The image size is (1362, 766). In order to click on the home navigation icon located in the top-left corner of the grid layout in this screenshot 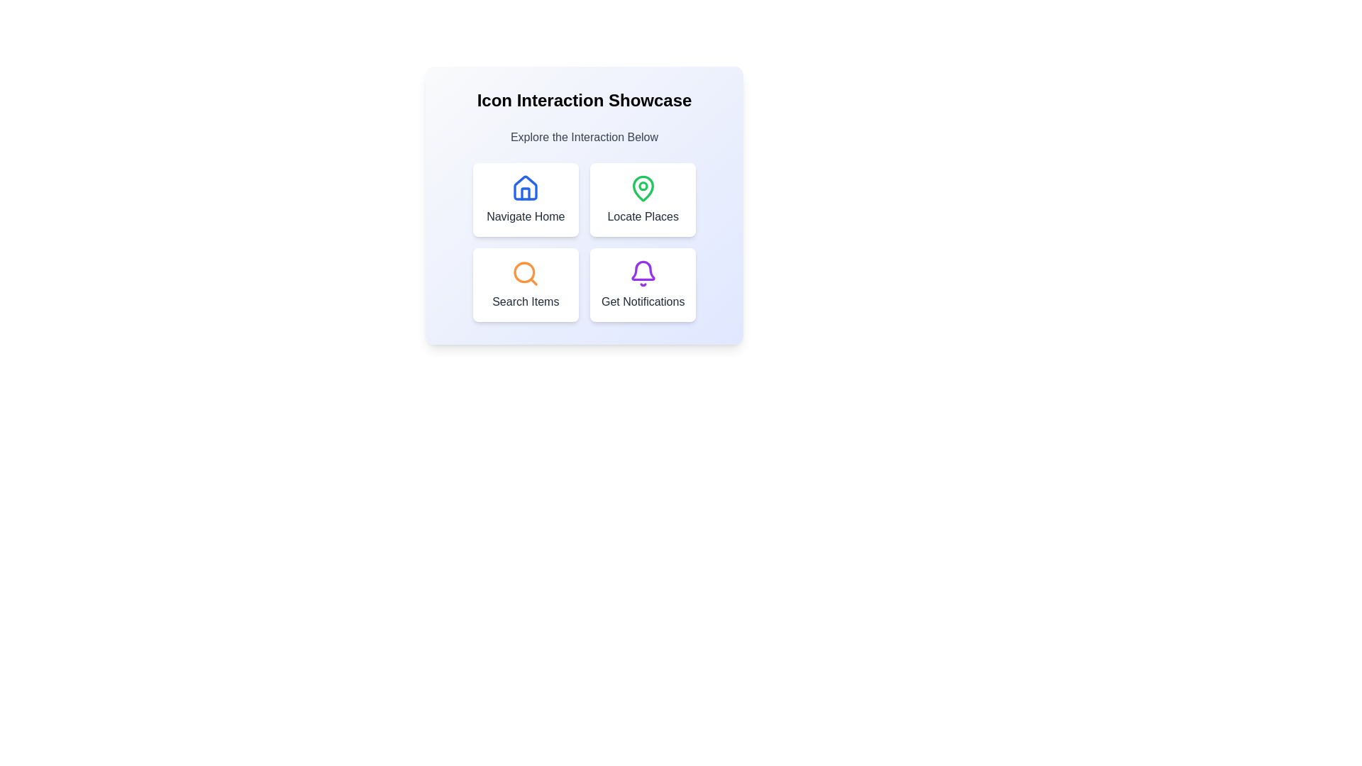, I will do `click(525, 187)`.